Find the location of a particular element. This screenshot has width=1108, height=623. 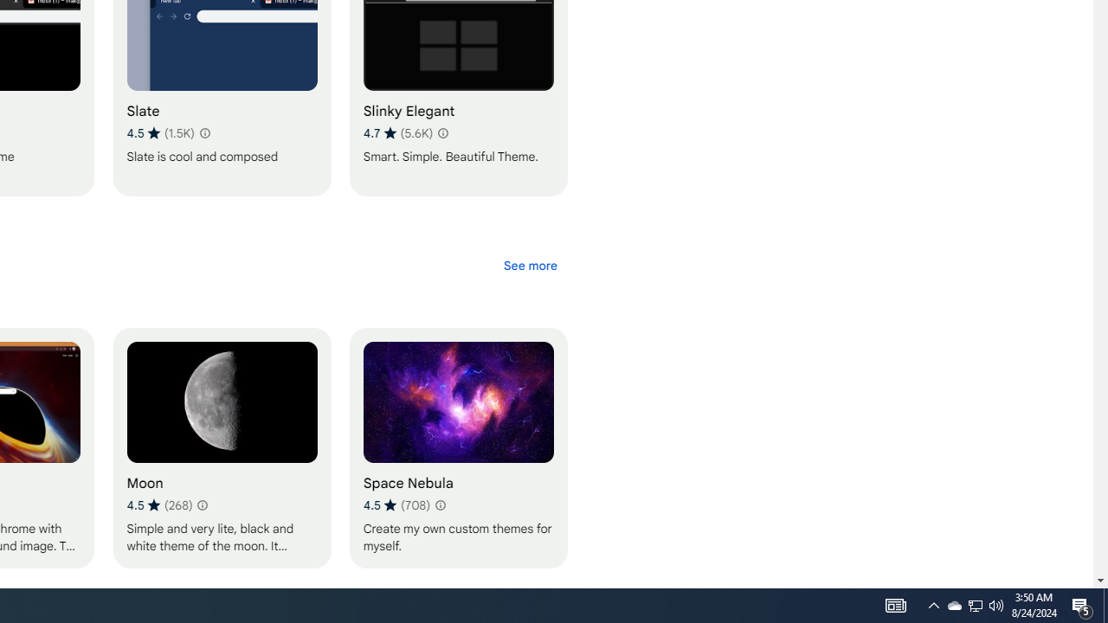

'Learn more about results and reviews "Space Nebula"' is located at coordinates (440, 504).